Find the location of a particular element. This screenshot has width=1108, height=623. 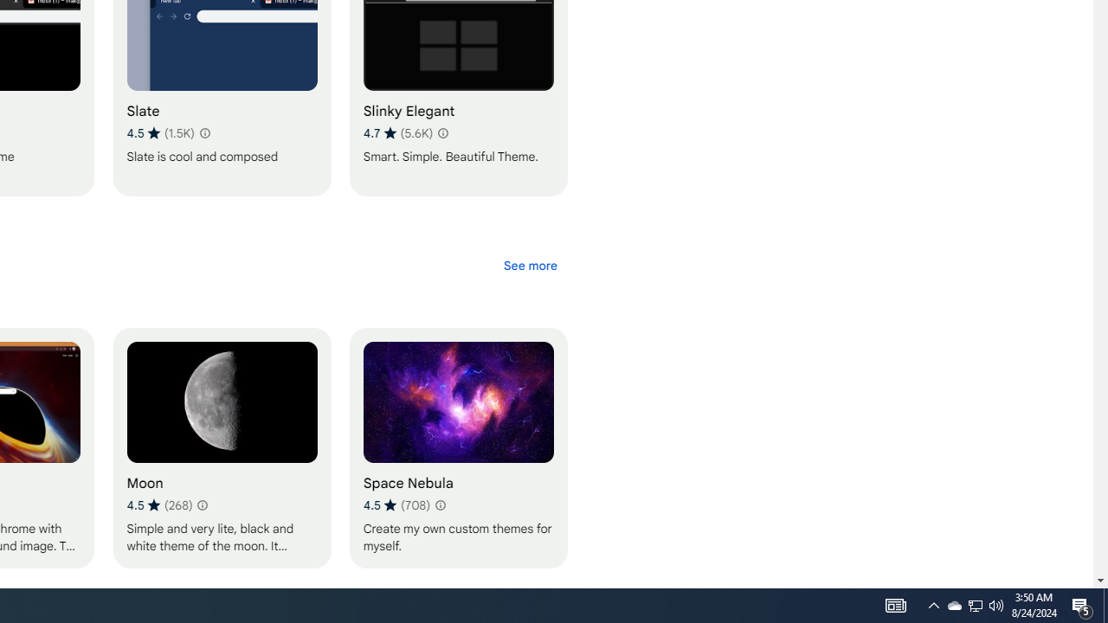

'Learn more about results and reviews "Space Nebula"' is located at coordinates (440, 504).